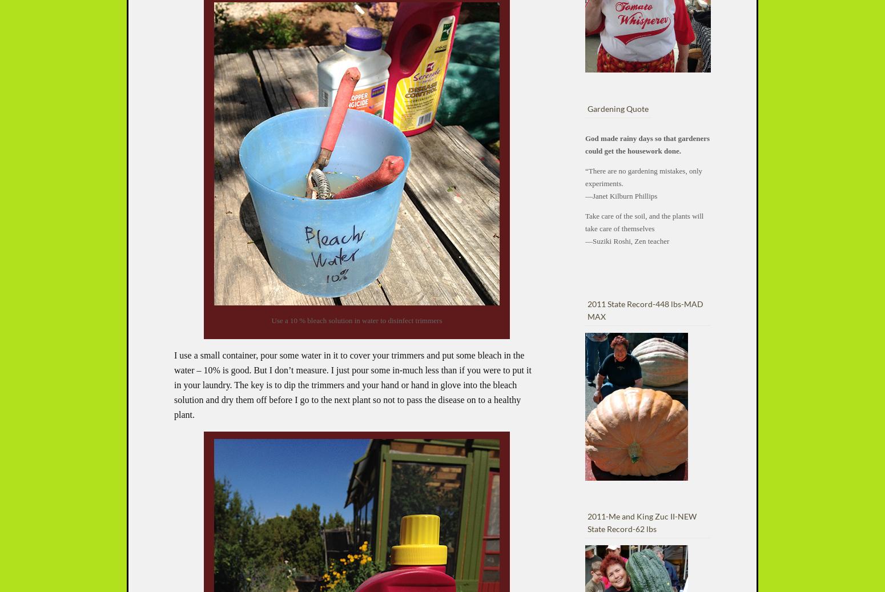  Describe the element at coordinates (588, 310) in the screenshot. I see `'2011 State Record-448 lbs-MAD MAX'` at that location.